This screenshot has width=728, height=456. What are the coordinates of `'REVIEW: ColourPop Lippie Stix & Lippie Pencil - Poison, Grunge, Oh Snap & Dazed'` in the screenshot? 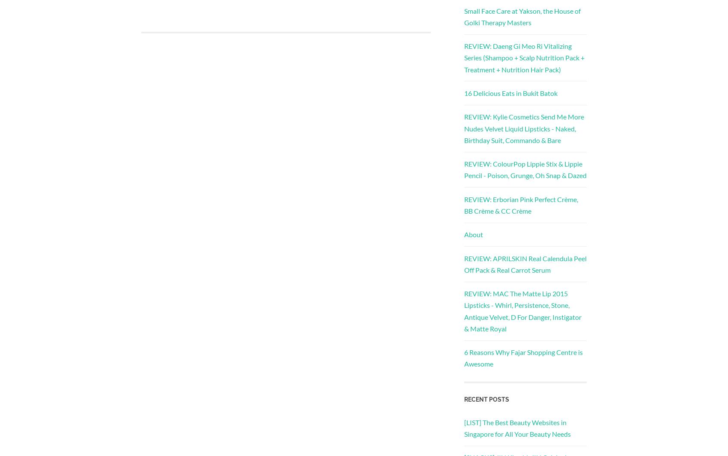 It's located at (525, 169).